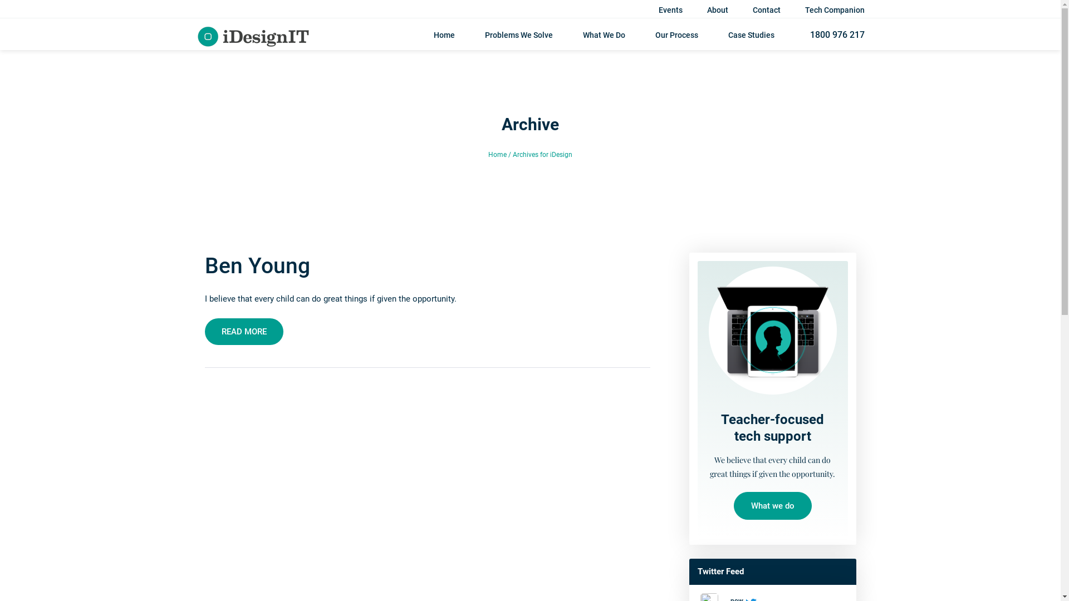  What do you see at coordinates (669, 10) in the screenshot?
I see `'Events'` at bounding box center [669, 10].